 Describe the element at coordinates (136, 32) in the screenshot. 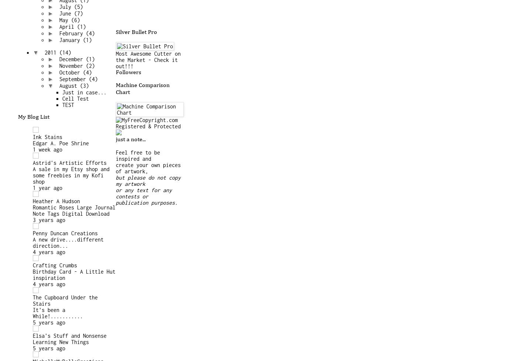

I see `'Silver Bullet Pro'` at that location.